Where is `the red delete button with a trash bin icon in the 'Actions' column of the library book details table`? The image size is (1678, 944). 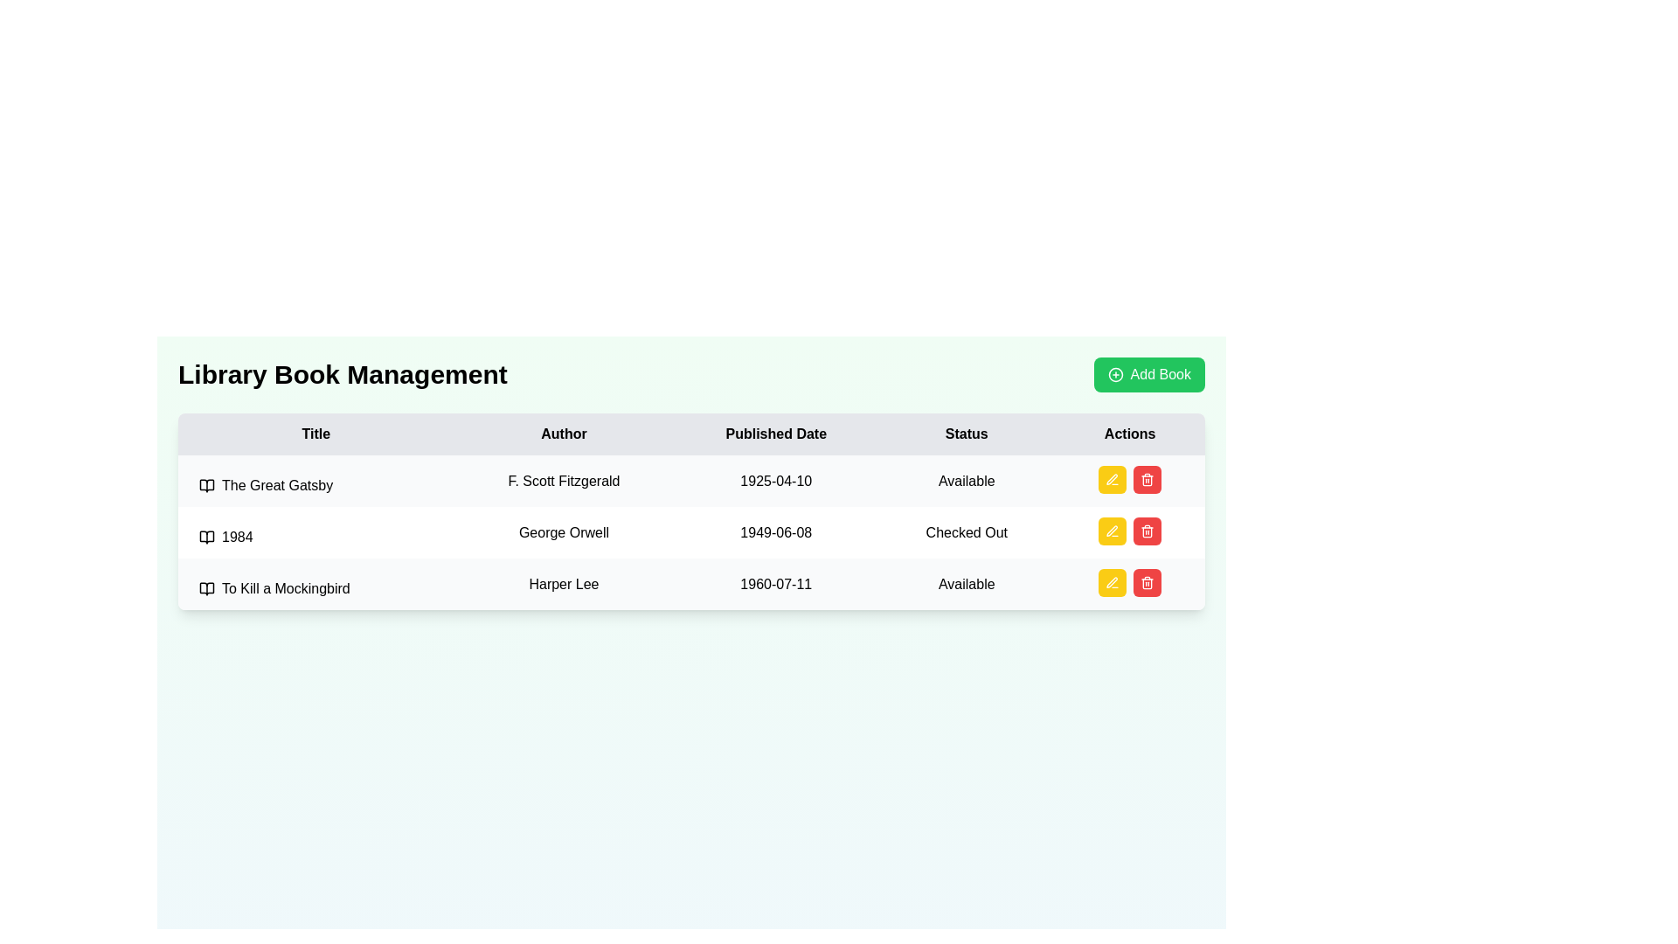
the red delete button with a trash bin icon in the 'Actions' column of the library book details table is located at coordinates (1148, 531).